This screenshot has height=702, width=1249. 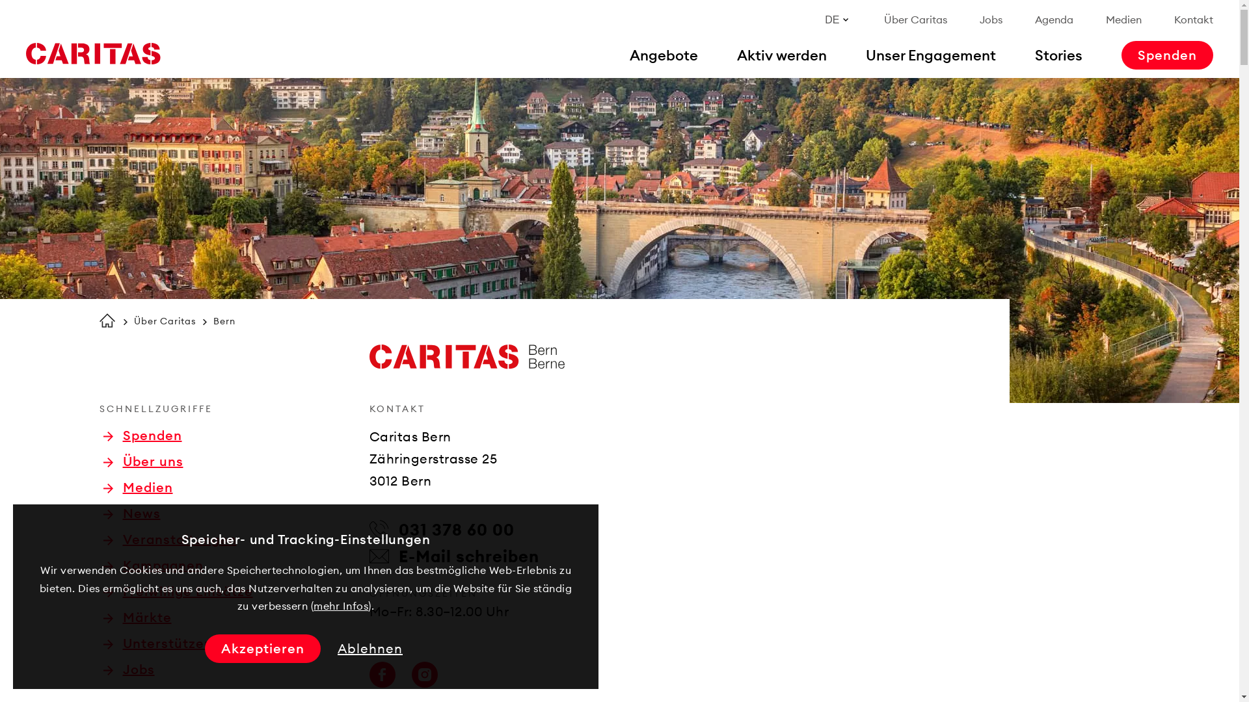 I want to click on 'News', so click(x=131, y=513).